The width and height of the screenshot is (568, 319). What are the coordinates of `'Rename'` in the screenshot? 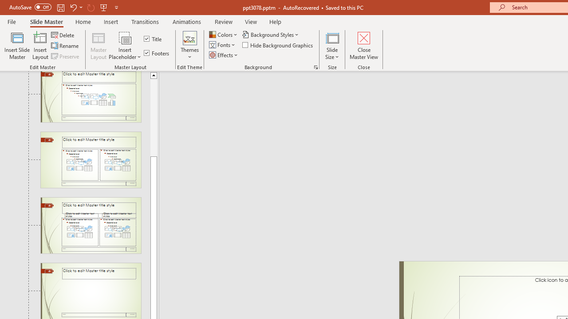 It's located at (65, 46).